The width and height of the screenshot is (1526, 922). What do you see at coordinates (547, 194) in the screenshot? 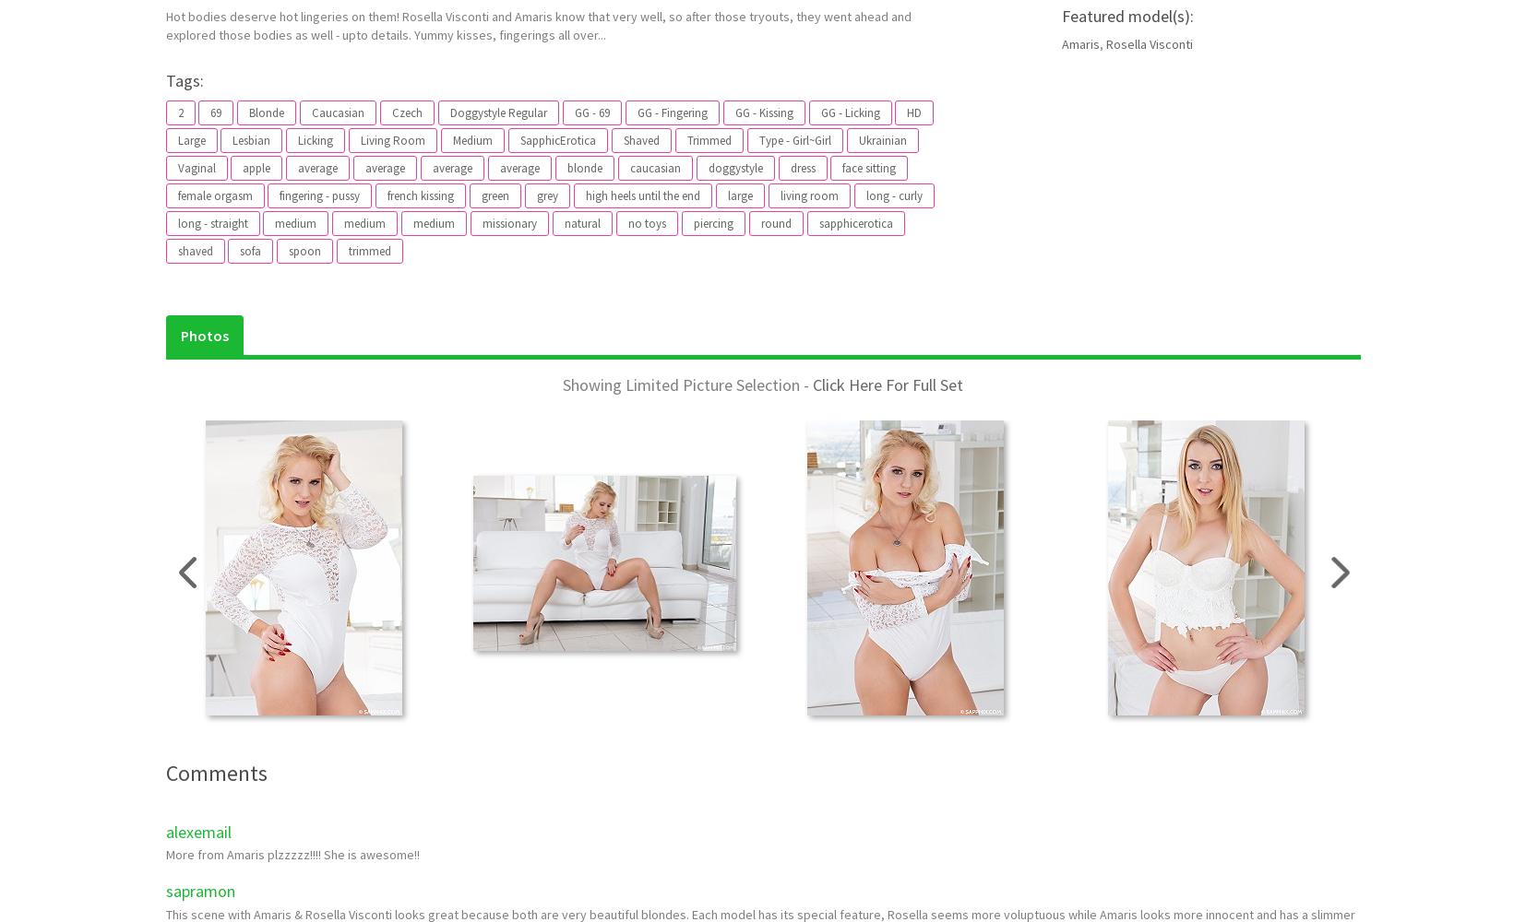
I see `'grey'` at bounding box center [547, 194].